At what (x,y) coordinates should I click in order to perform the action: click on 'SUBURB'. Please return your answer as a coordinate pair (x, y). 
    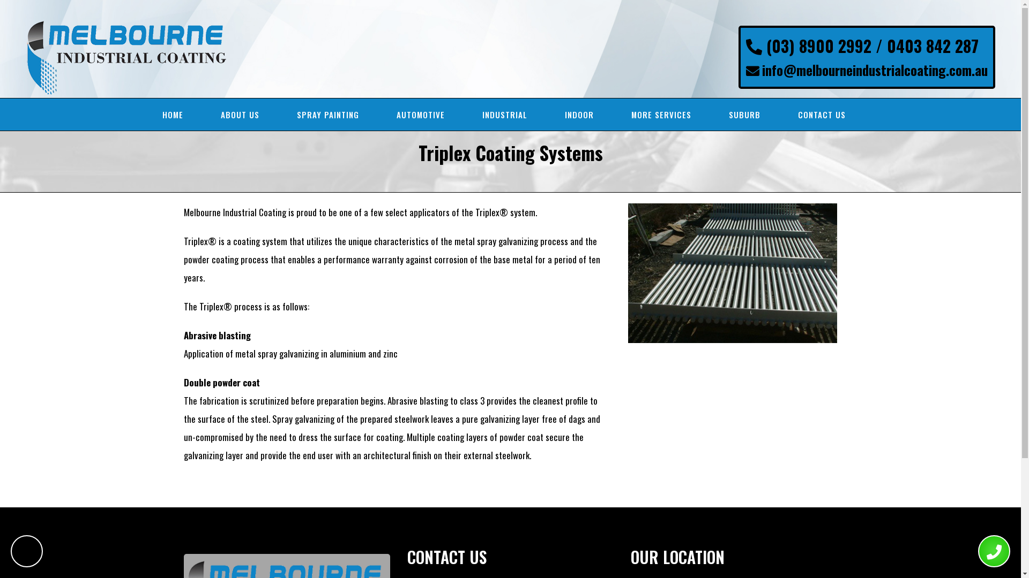
    Looking at the image, I should click on (743, 114).